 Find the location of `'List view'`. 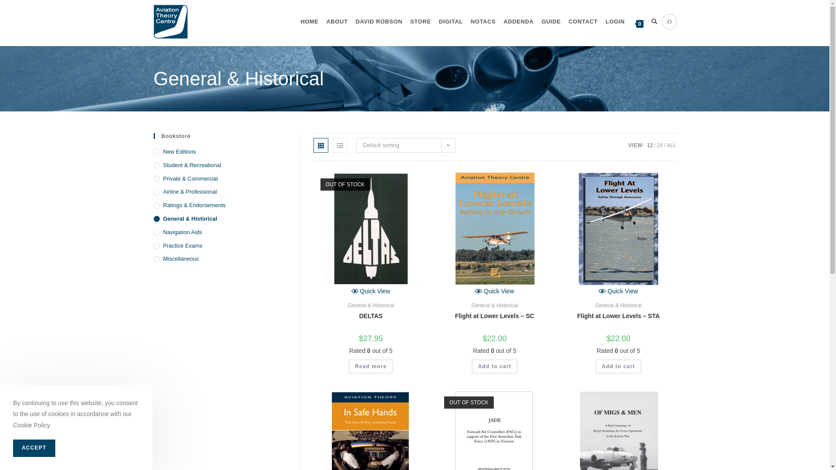

'List view' is located at coordinates (340, 145).